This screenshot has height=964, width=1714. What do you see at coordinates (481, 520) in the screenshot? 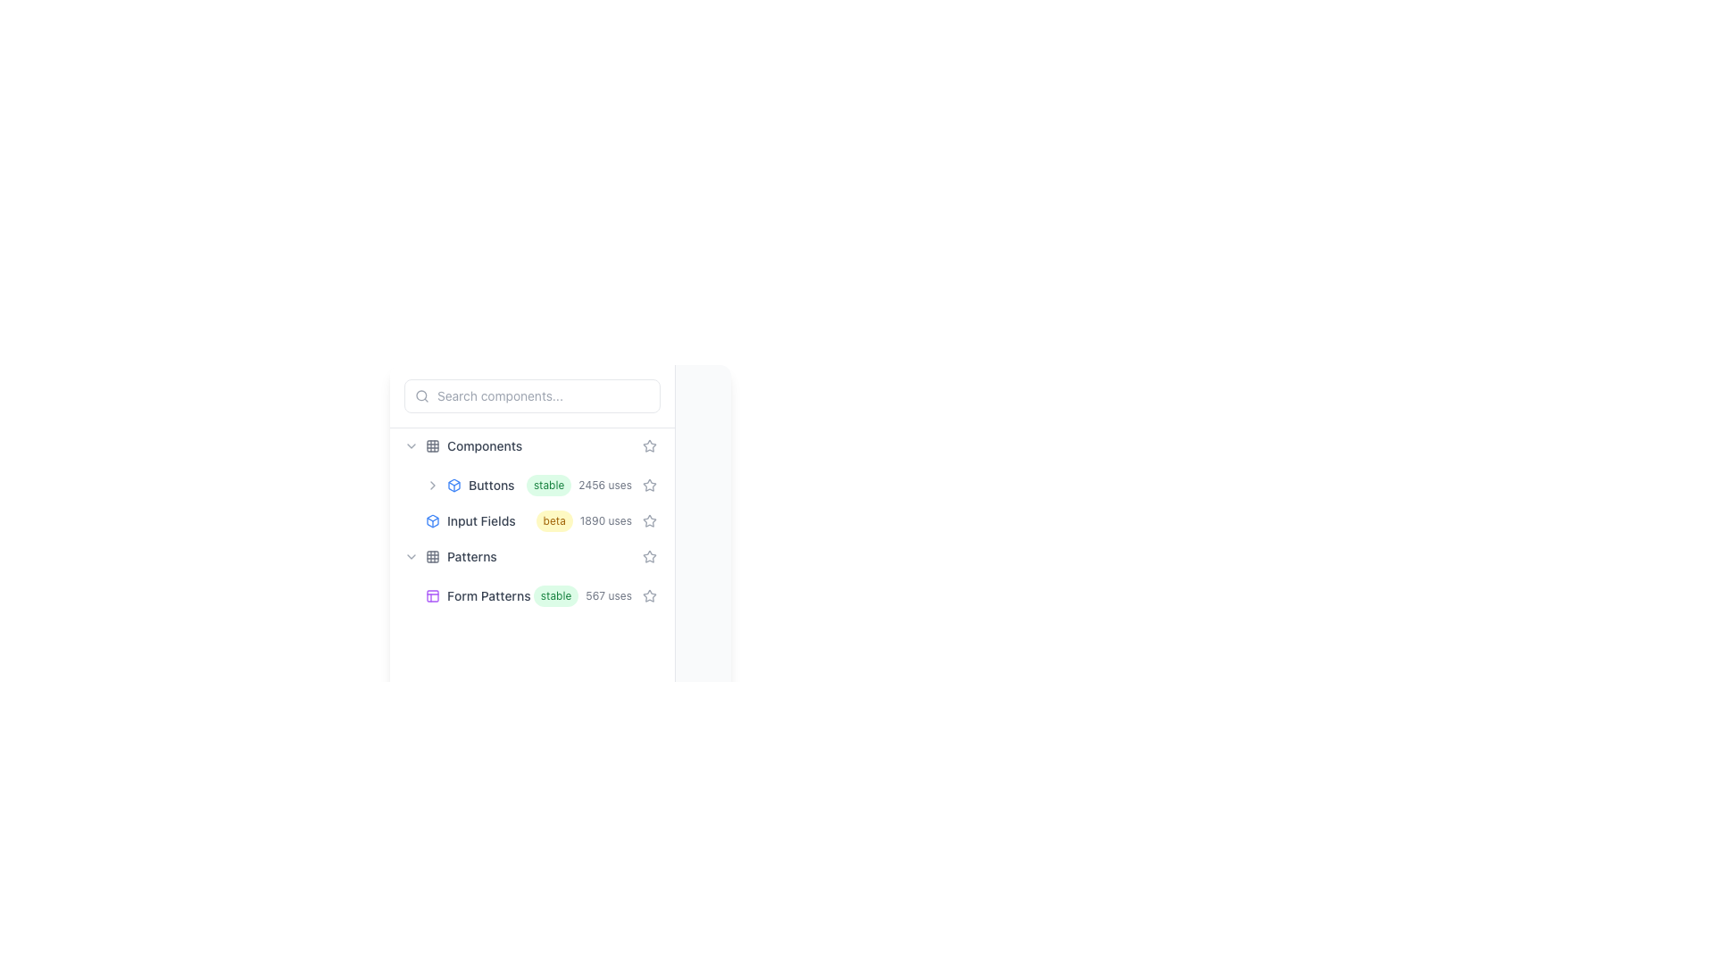
I see `the static text label reading 'Input Fields', which is the second text label under 'Components' and styled in light gray with a smaller font size` at bounding box center [481, 520].